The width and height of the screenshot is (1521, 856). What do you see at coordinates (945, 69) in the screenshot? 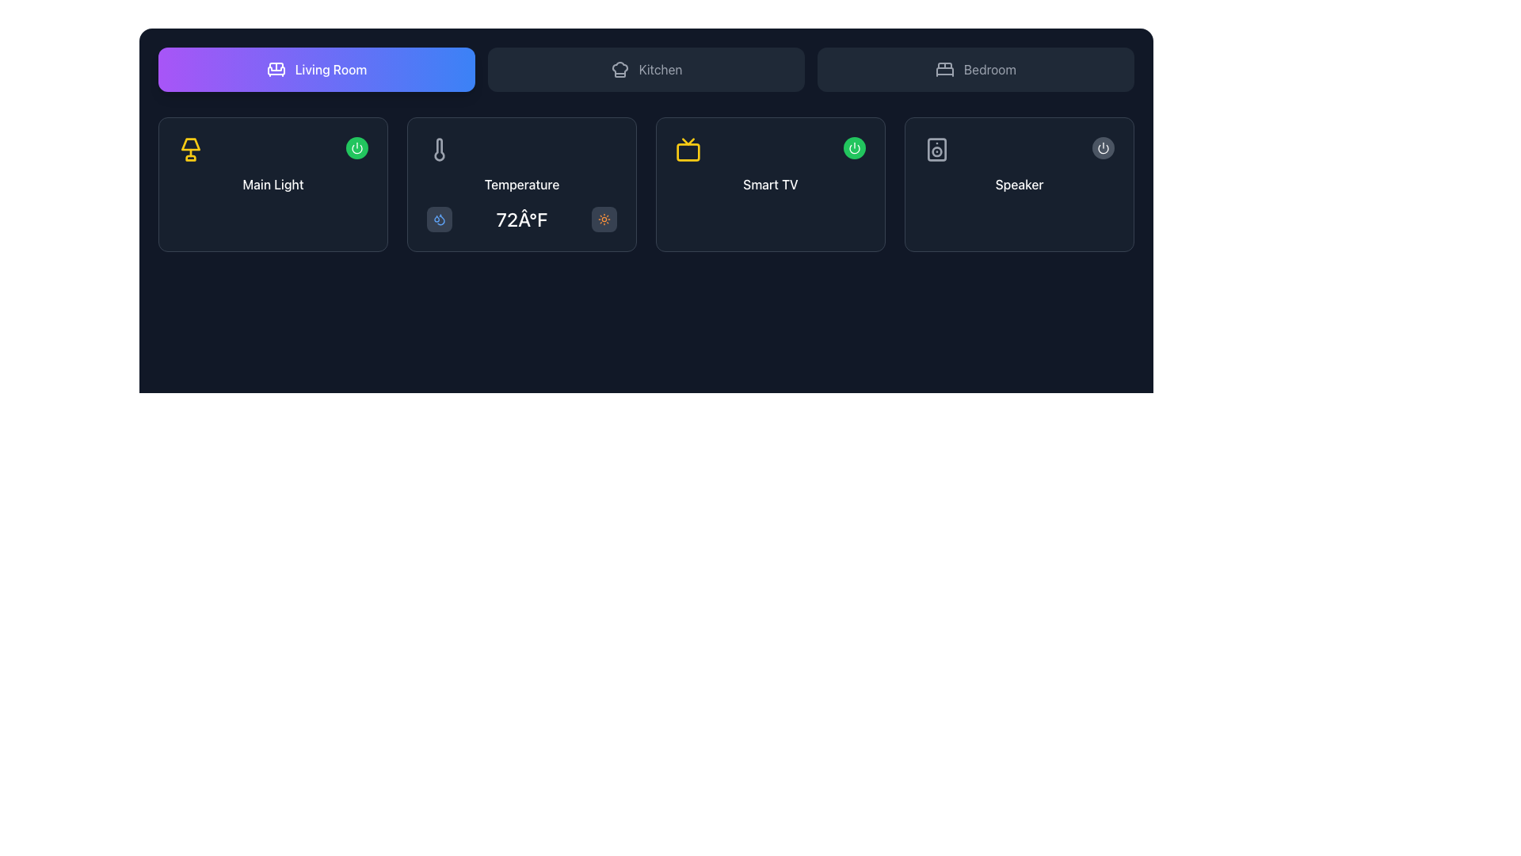
I see `the double bed icon styled in line art format with gray lines on a dark background, located to the left of the 'Bedroom' text in the top-right navigation bar` at bounding box center [945, 69].